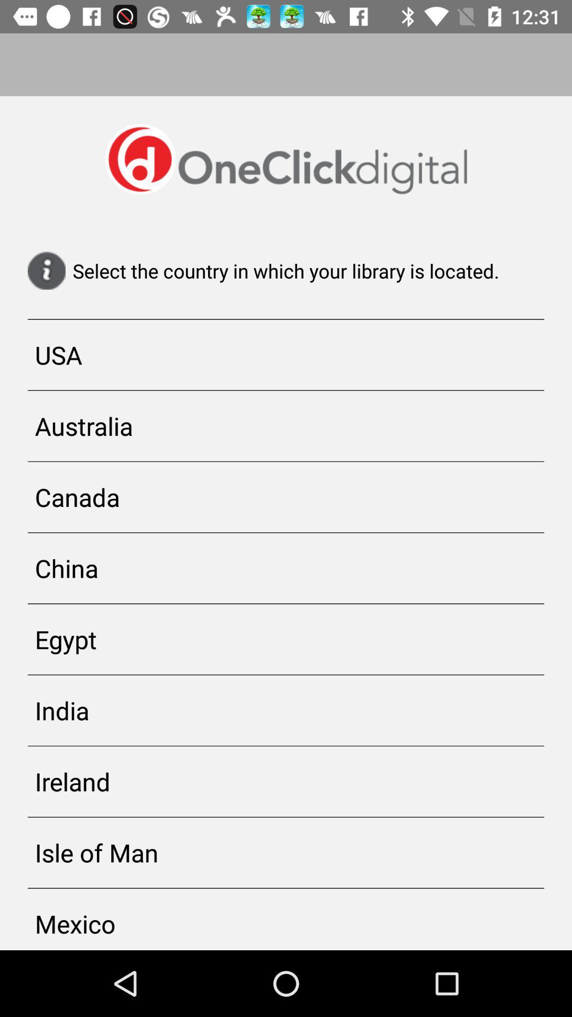 The image size is (572, 1017). Describe the element at coordinates (286, 781) in the screenshot. I see `the ireland icon` at that location.